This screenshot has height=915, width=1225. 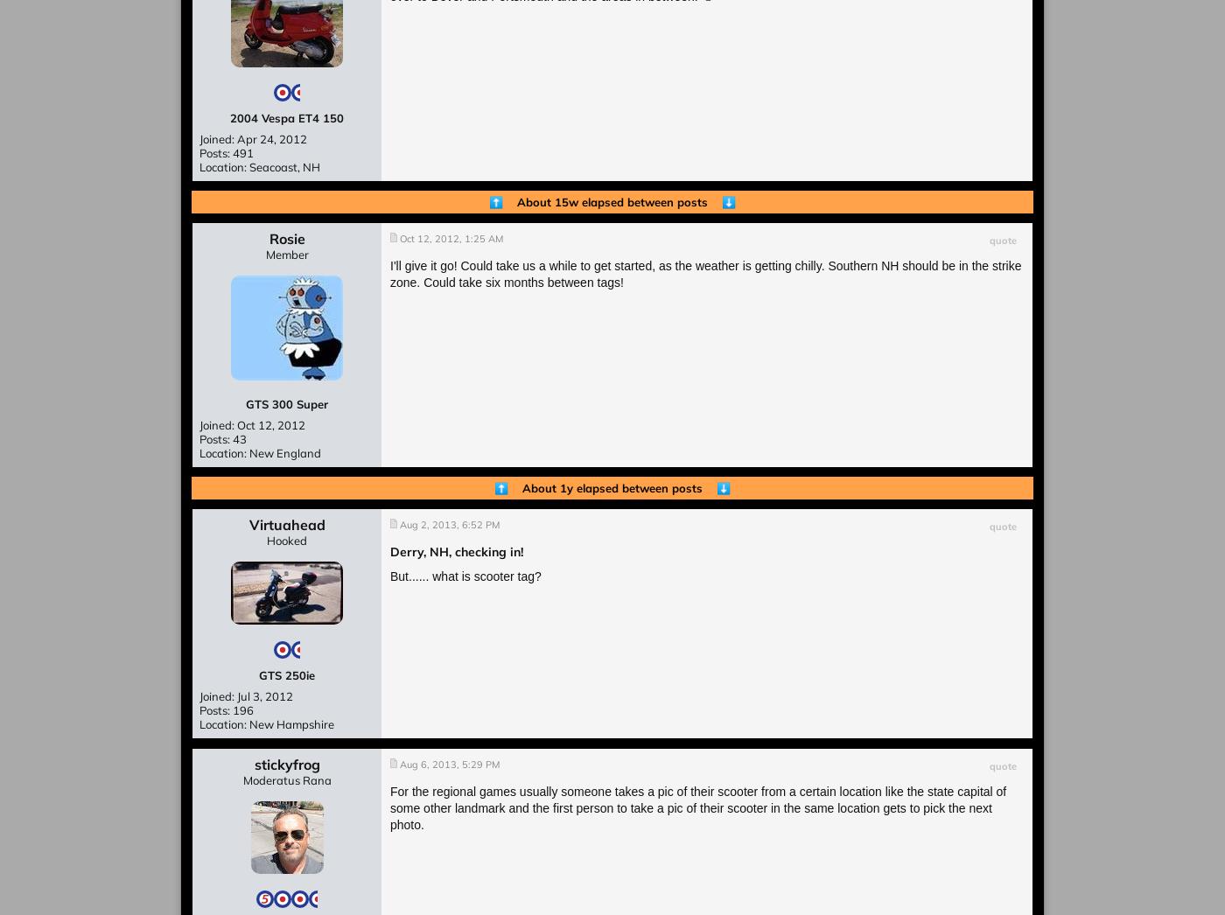 What do you see at coordinates (267, 724) in the screenshot?
I see `'Location: New Hampshire'` at bounding box center [267, 724].